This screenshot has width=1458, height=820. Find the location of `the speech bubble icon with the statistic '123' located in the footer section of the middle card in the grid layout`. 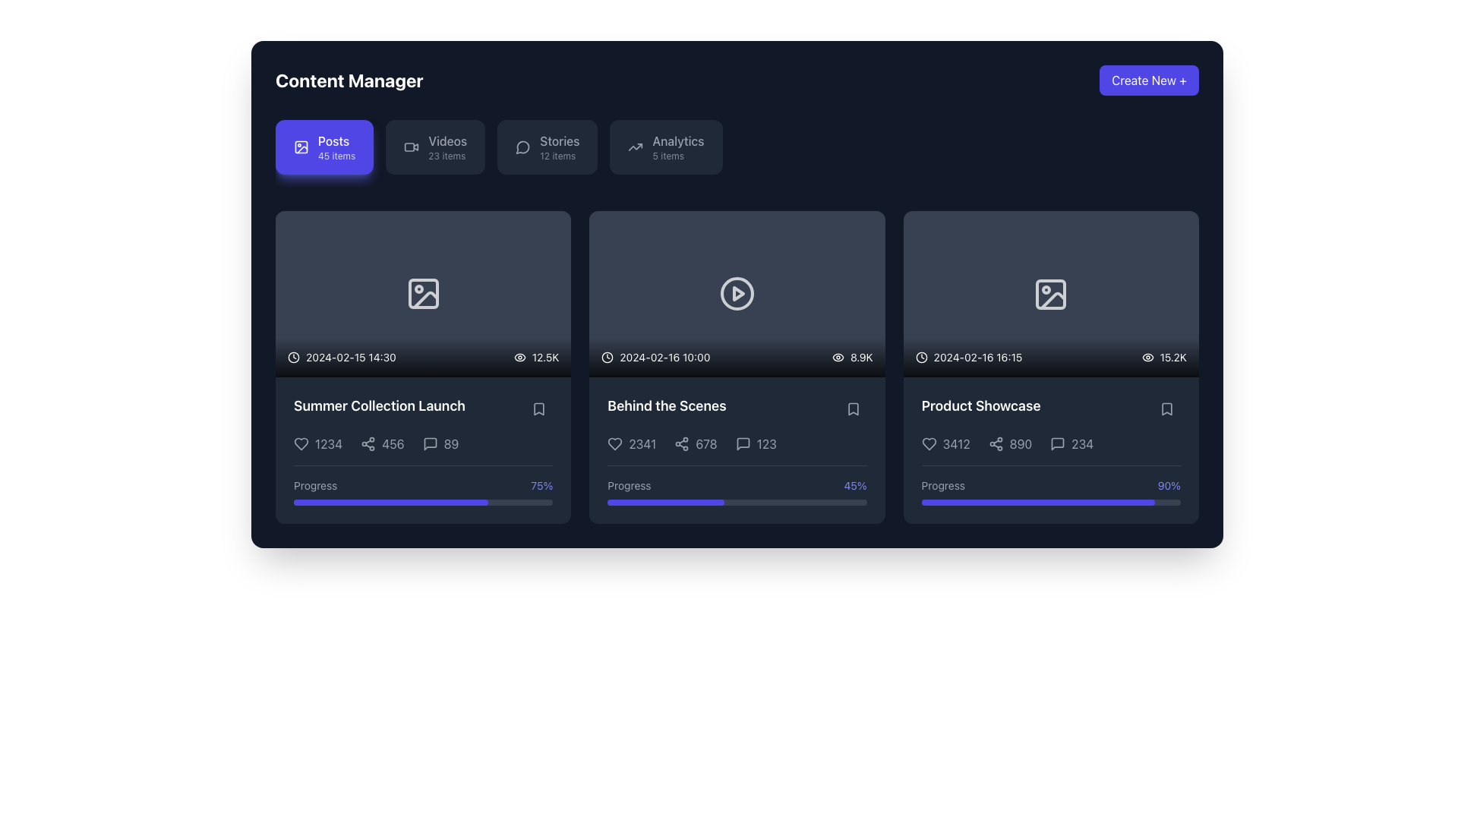

the speech bubble icon with the statistic '123' located in the footer section of the middle card in the grid layout is located at coordinates (737, 443).